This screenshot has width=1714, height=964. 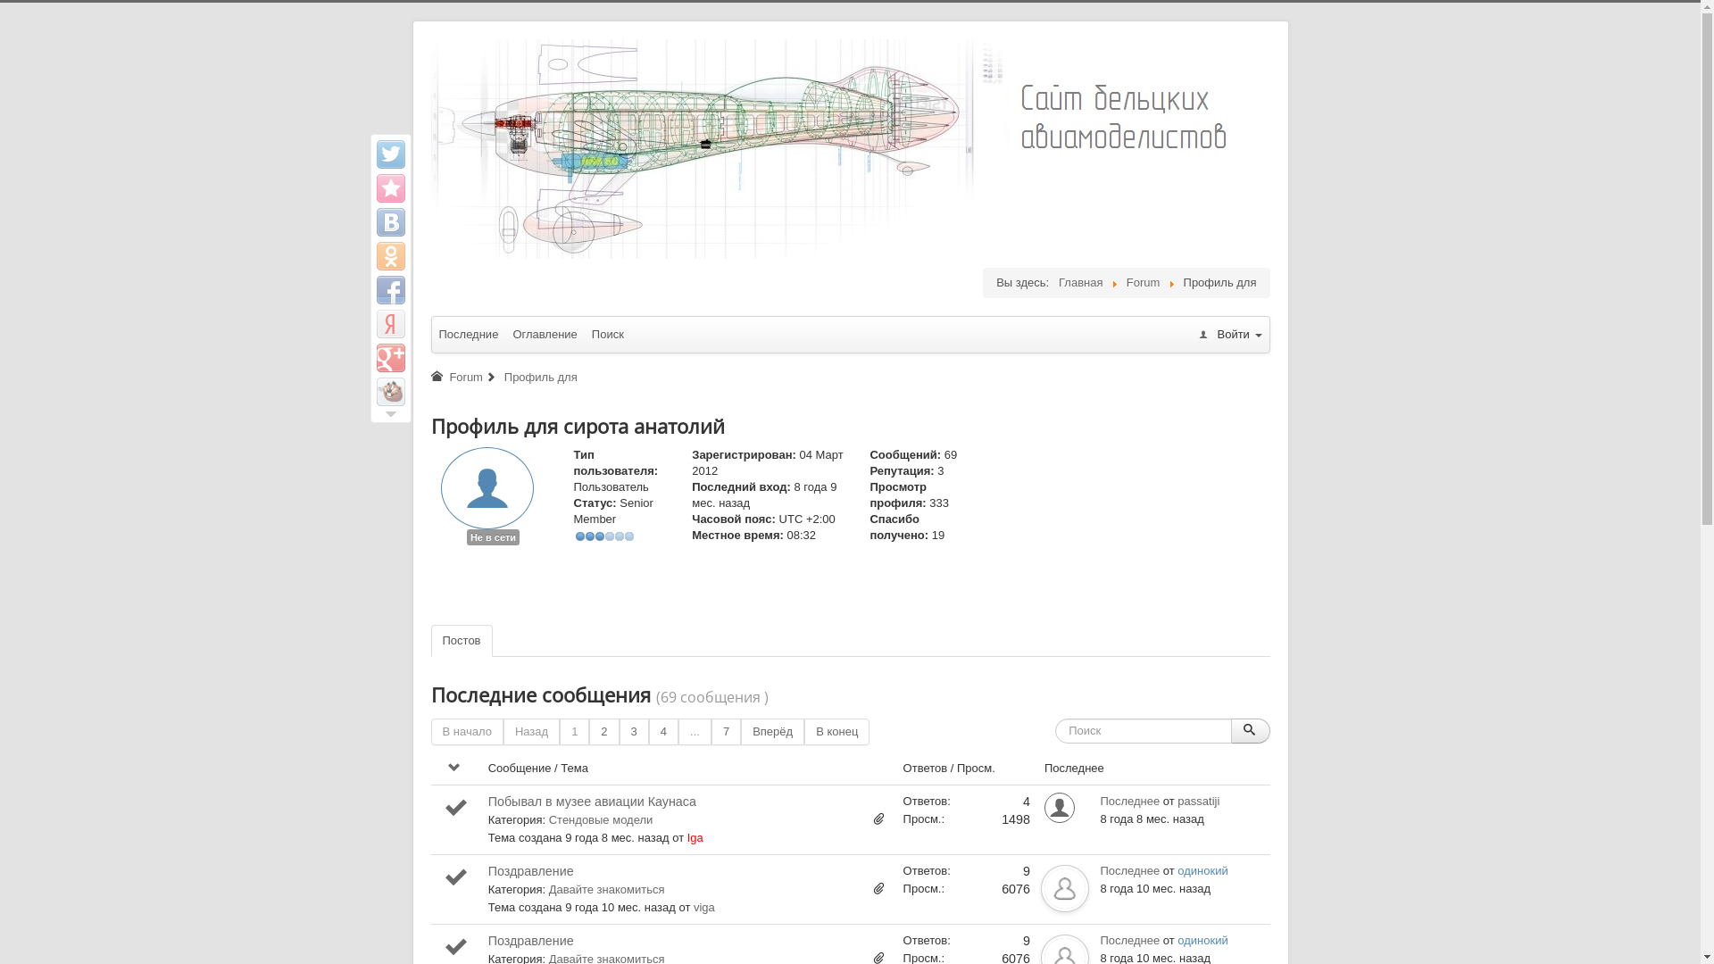 What do you see at coordinates (574, 732) in the screenshot?
I see `'1'` at bounding box center [574, 732].